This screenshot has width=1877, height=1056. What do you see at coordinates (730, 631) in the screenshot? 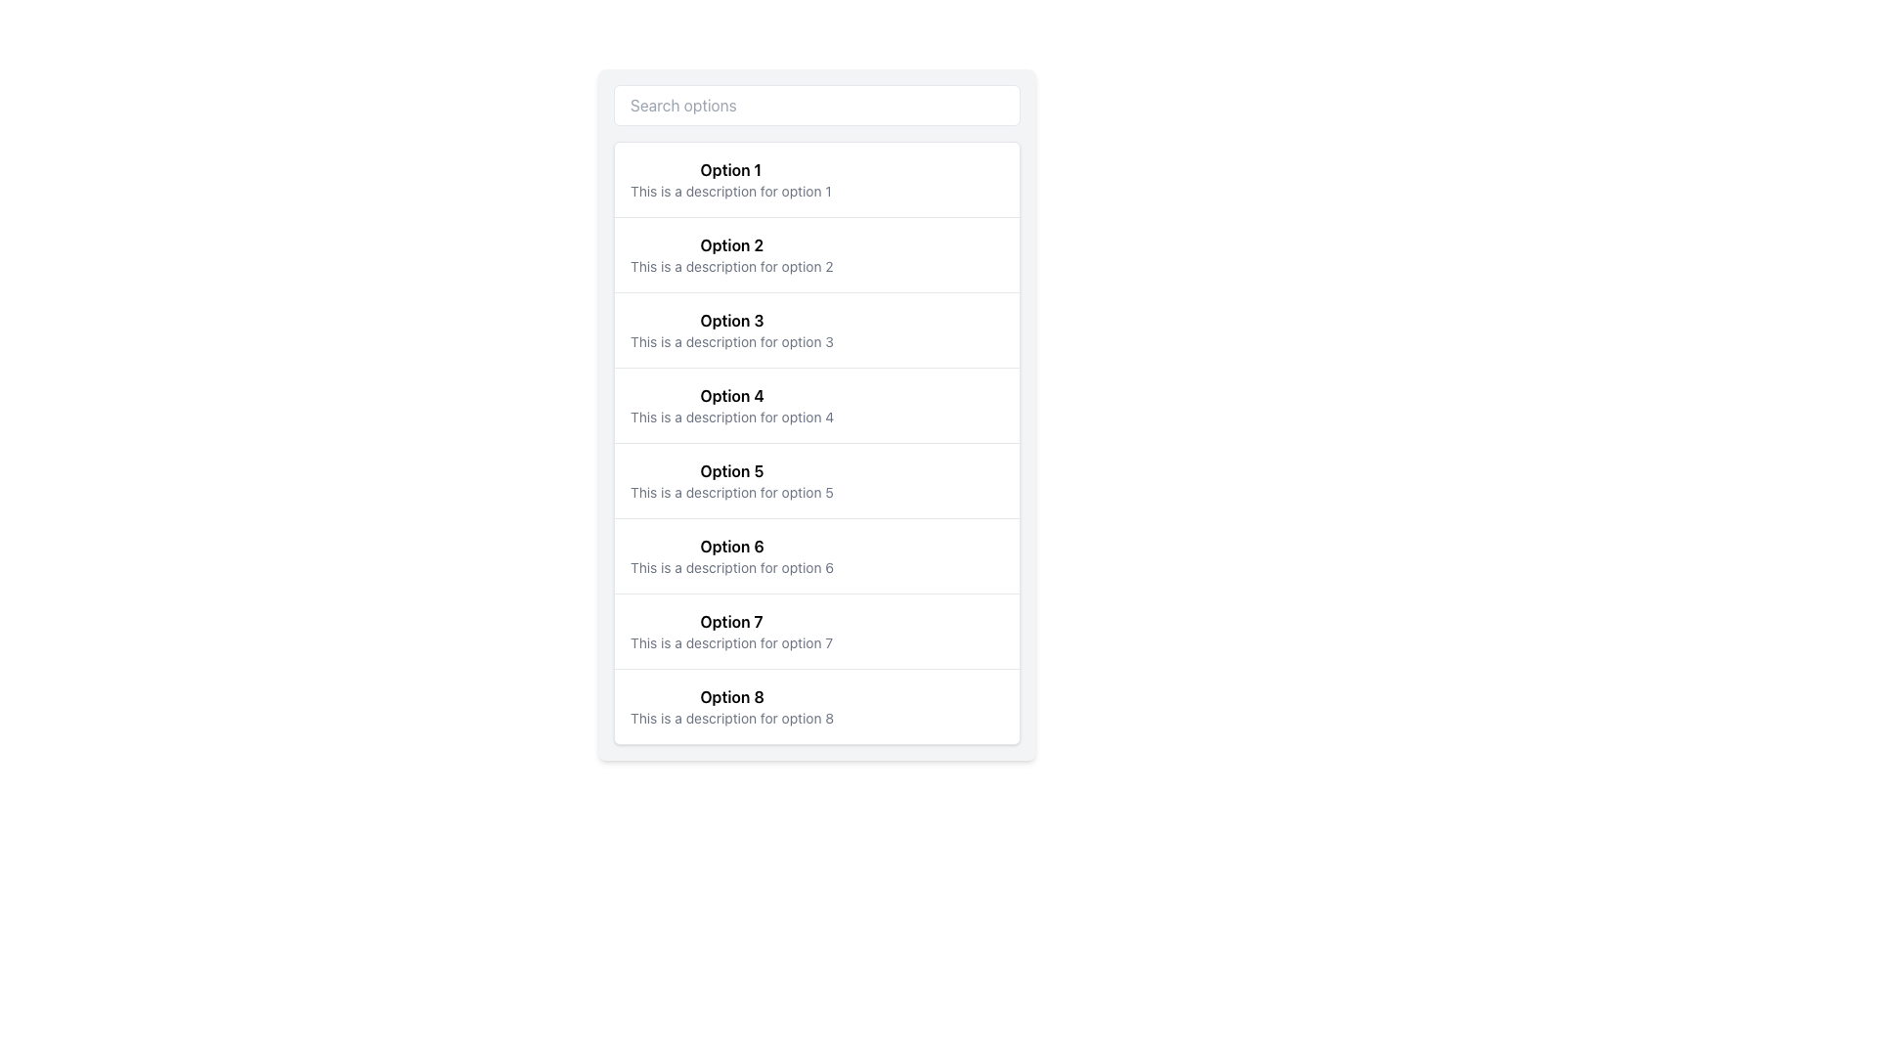
I see `the List Item with the bold title 'Option 7' and the description 'This is a description for option 7', which is the seventh item in the vertical list of options` at bounding box center [730, 631].